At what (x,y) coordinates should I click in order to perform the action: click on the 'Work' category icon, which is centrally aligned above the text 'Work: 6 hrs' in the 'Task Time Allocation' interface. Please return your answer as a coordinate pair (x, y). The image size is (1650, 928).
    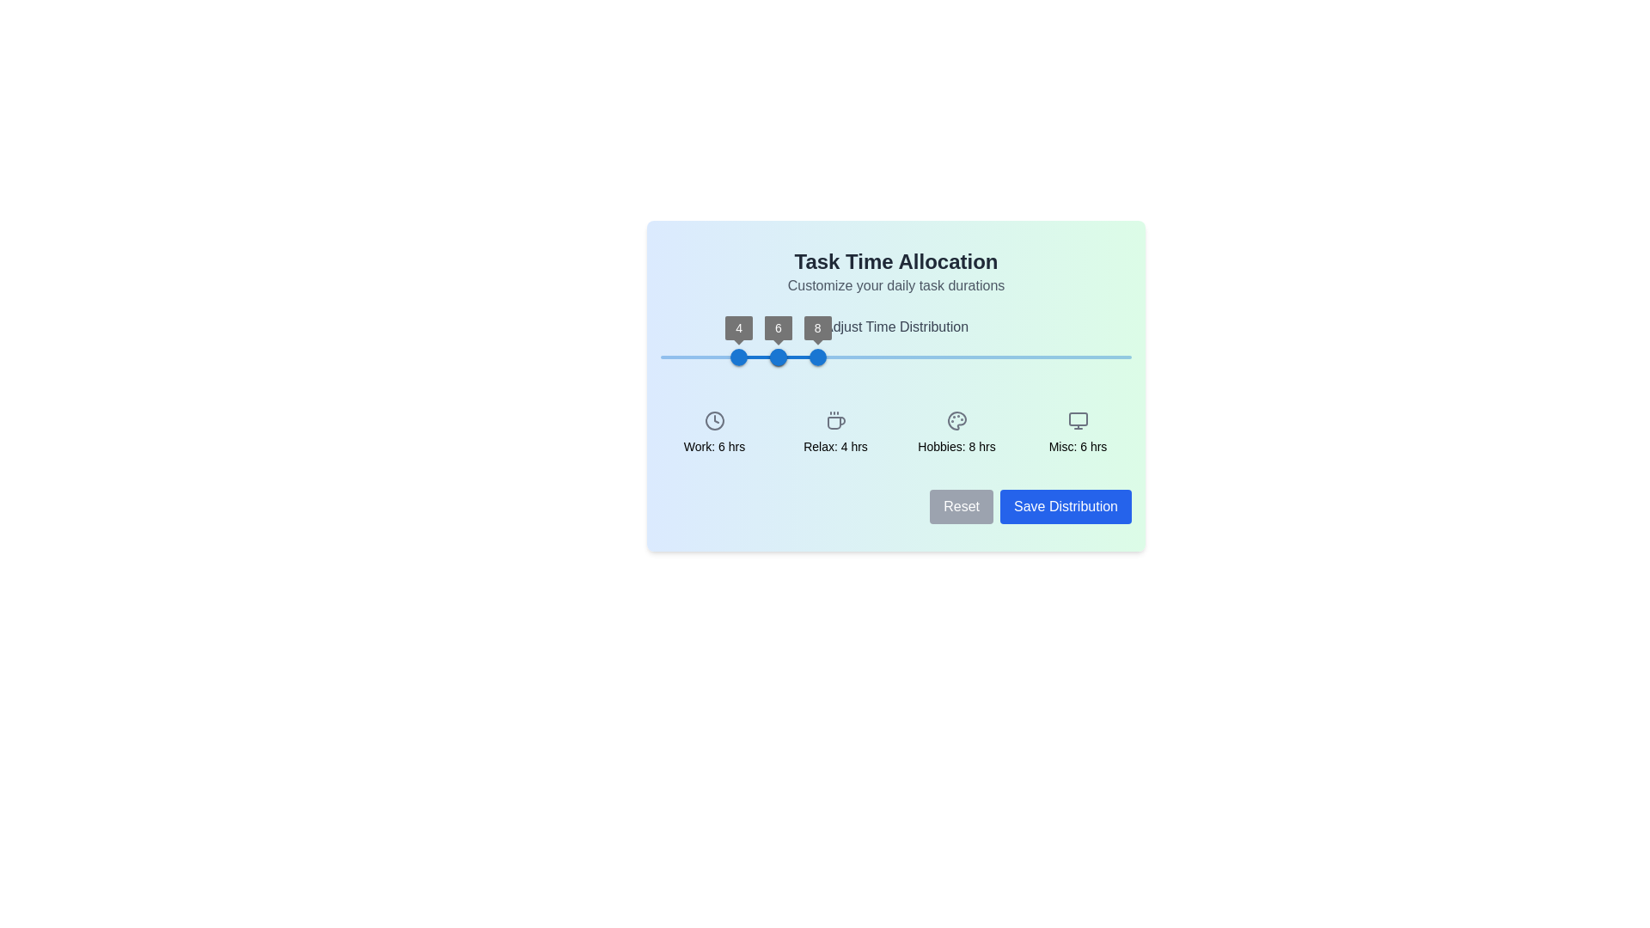
    Looking at the image, I should click on (714, 420).